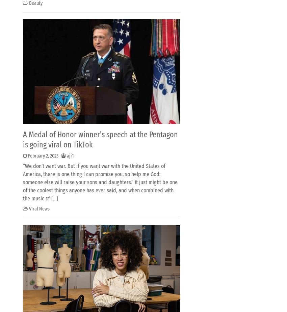 This screenshot has height=312, width=287. I want to click on 'Editor', so click(35, 13).